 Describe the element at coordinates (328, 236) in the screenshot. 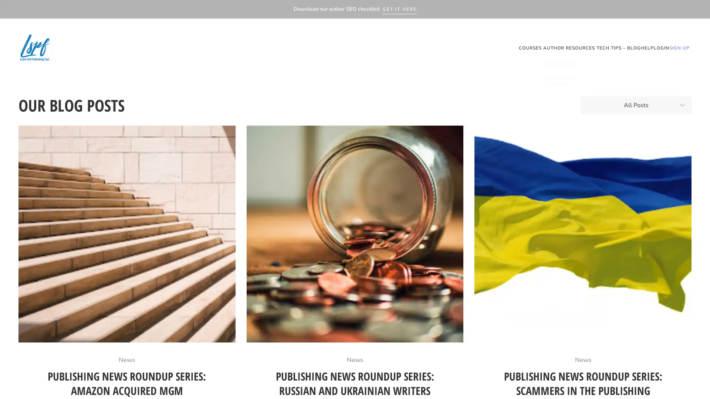

I see `GET IT NOW!` at that location.